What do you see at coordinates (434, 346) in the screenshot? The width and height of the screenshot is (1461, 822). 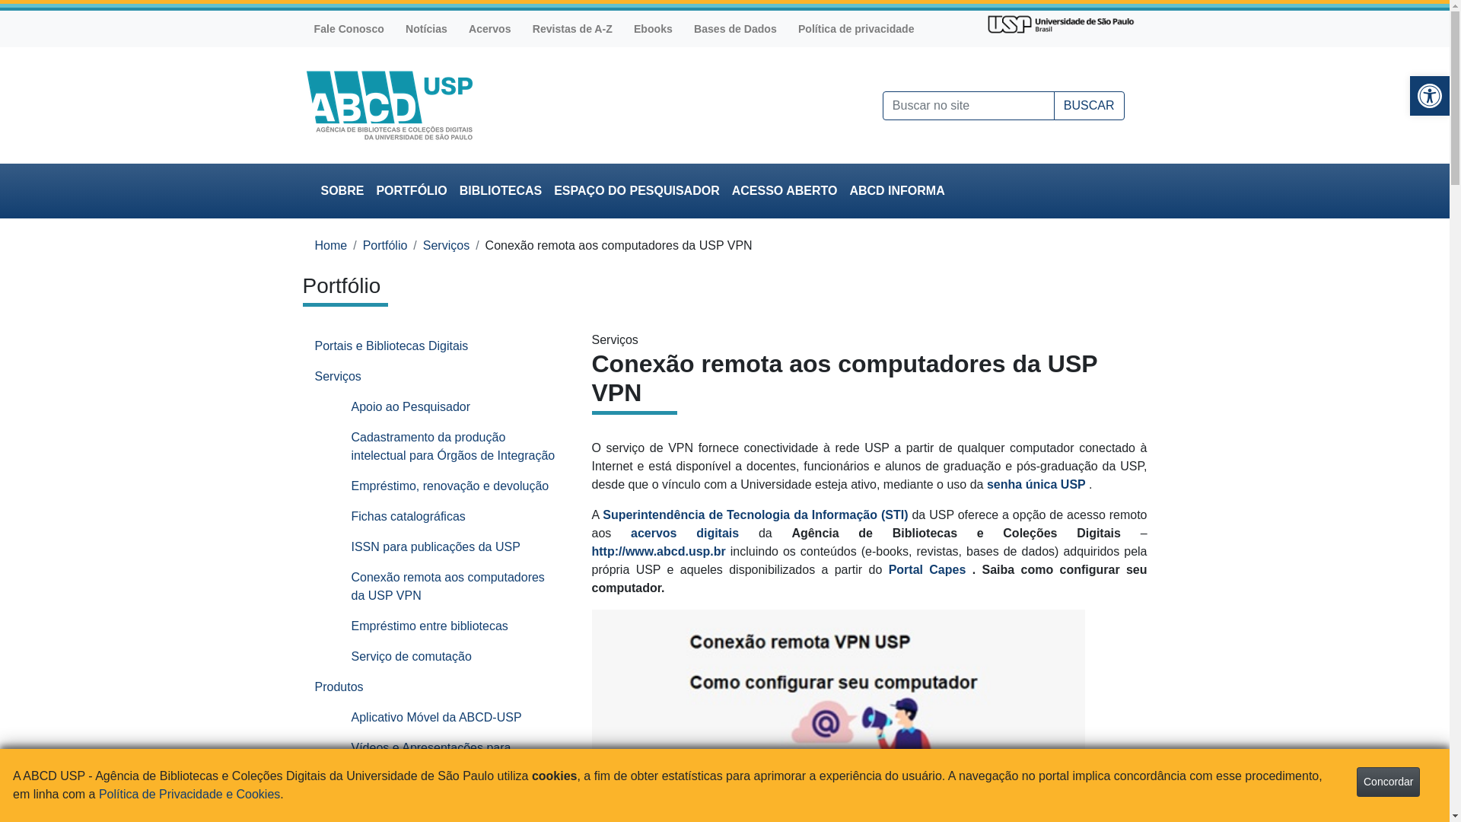 I see `'Portais e Bibliotecas Digitais'` at bounding box center [434, 346].